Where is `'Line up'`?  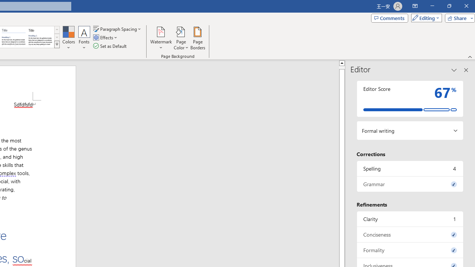
'Line up' is located at coordinates (341, 62).